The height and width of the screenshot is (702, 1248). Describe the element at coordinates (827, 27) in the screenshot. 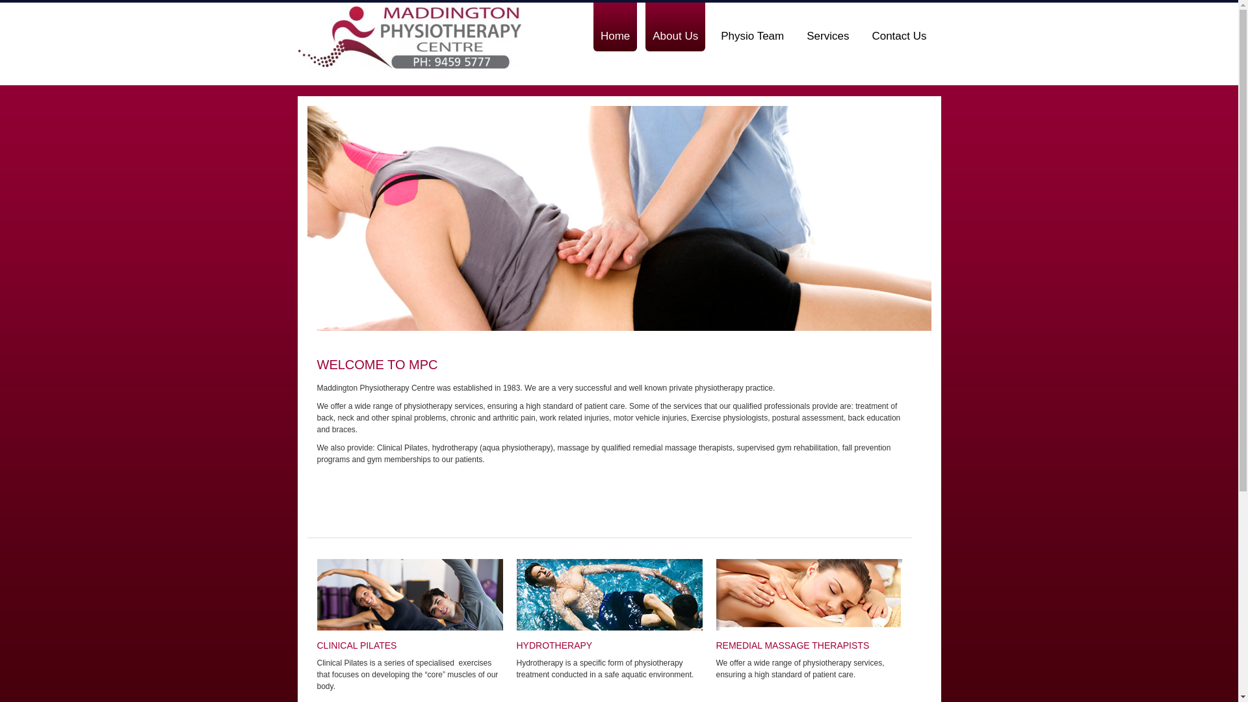

I see `'Services'` at that location.